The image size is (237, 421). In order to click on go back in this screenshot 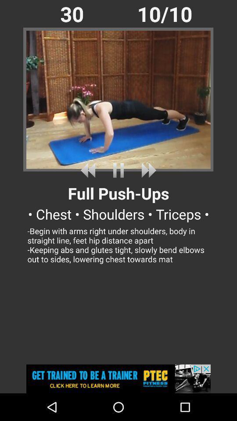, I will do `click(89, 170)`.